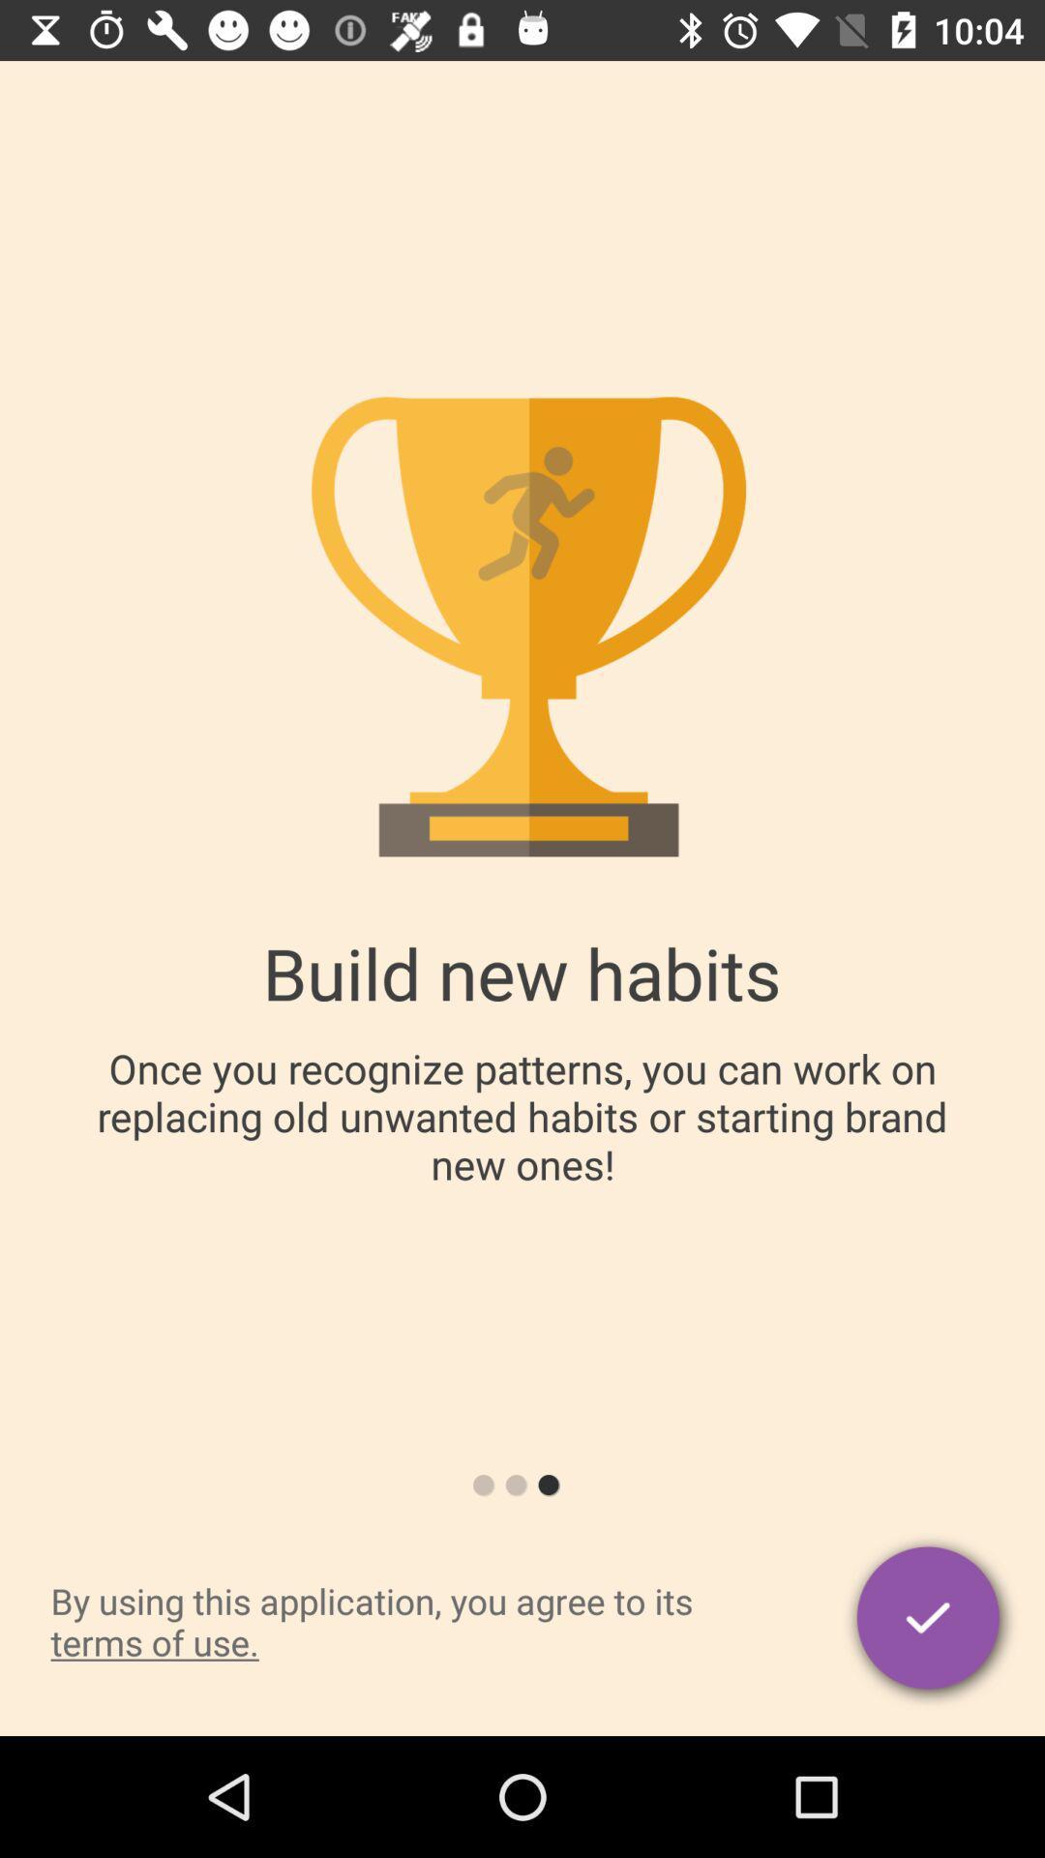 Image resolution: width=1045 pixels, height=1858 pixels. What do you see at coordinates (412, 1621) in the screenshot?
I see `the by using this` at bounding box center [412, 1621].